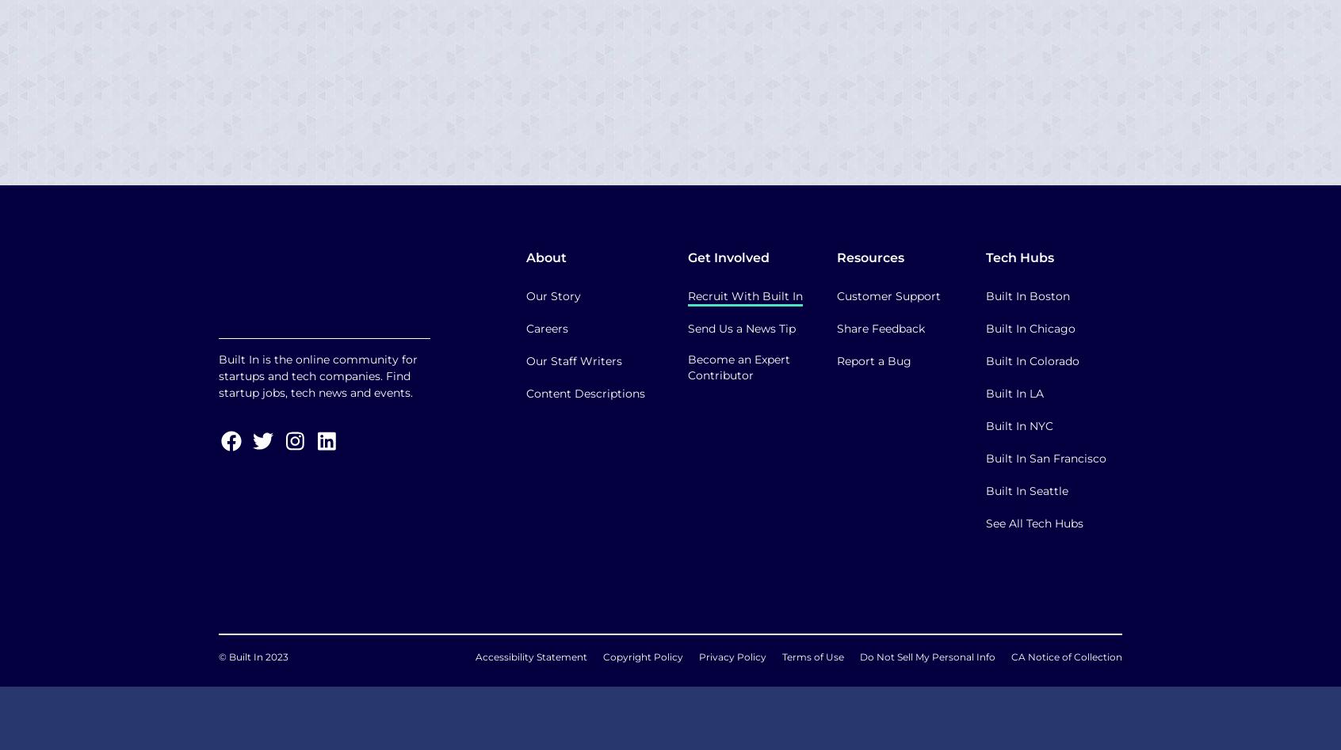 This screenshot has height=750, width=1341. What do you see at coordinates (474, 657) in the screenshot?
I see `'Accessibility Statement'` at bounding box center [474, 657].